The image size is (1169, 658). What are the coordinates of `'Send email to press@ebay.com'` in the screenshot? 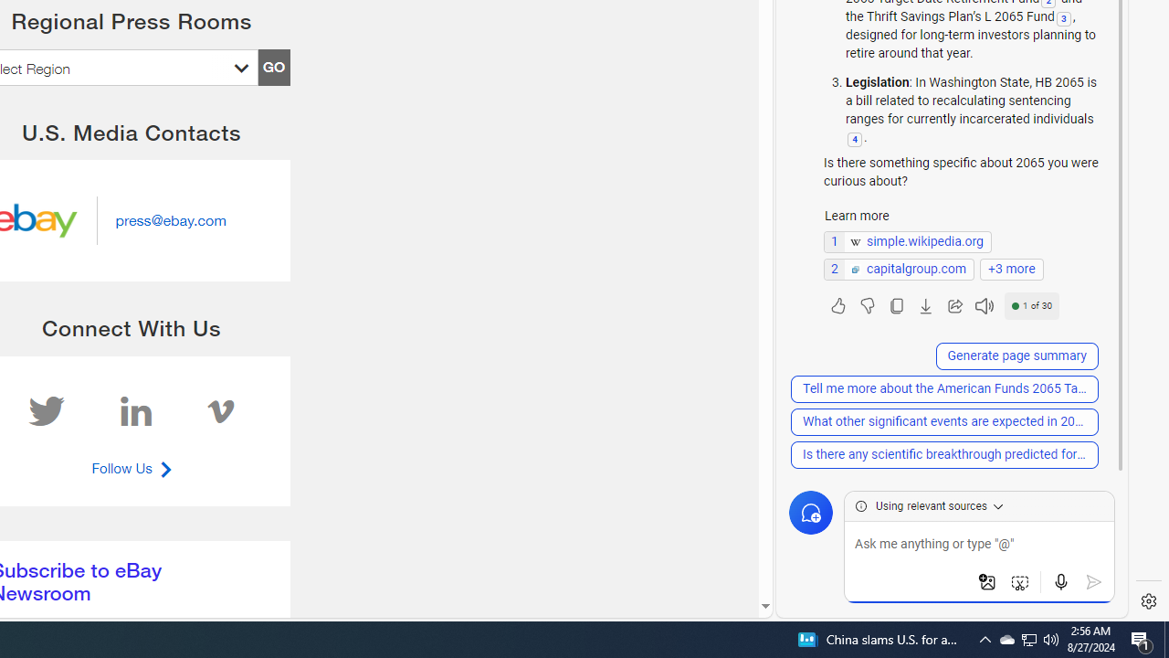 It's located at (170, 219).